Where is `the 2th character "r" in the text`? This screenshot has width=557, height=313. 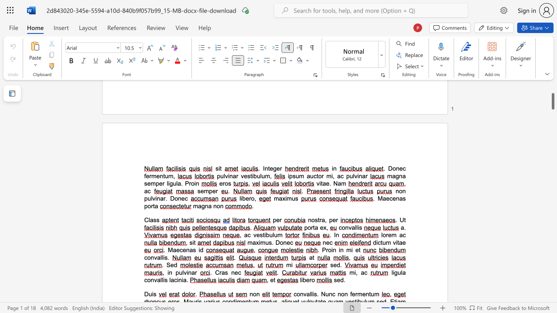 the 2th character "r" in the text is located at coordinates (336, 220).